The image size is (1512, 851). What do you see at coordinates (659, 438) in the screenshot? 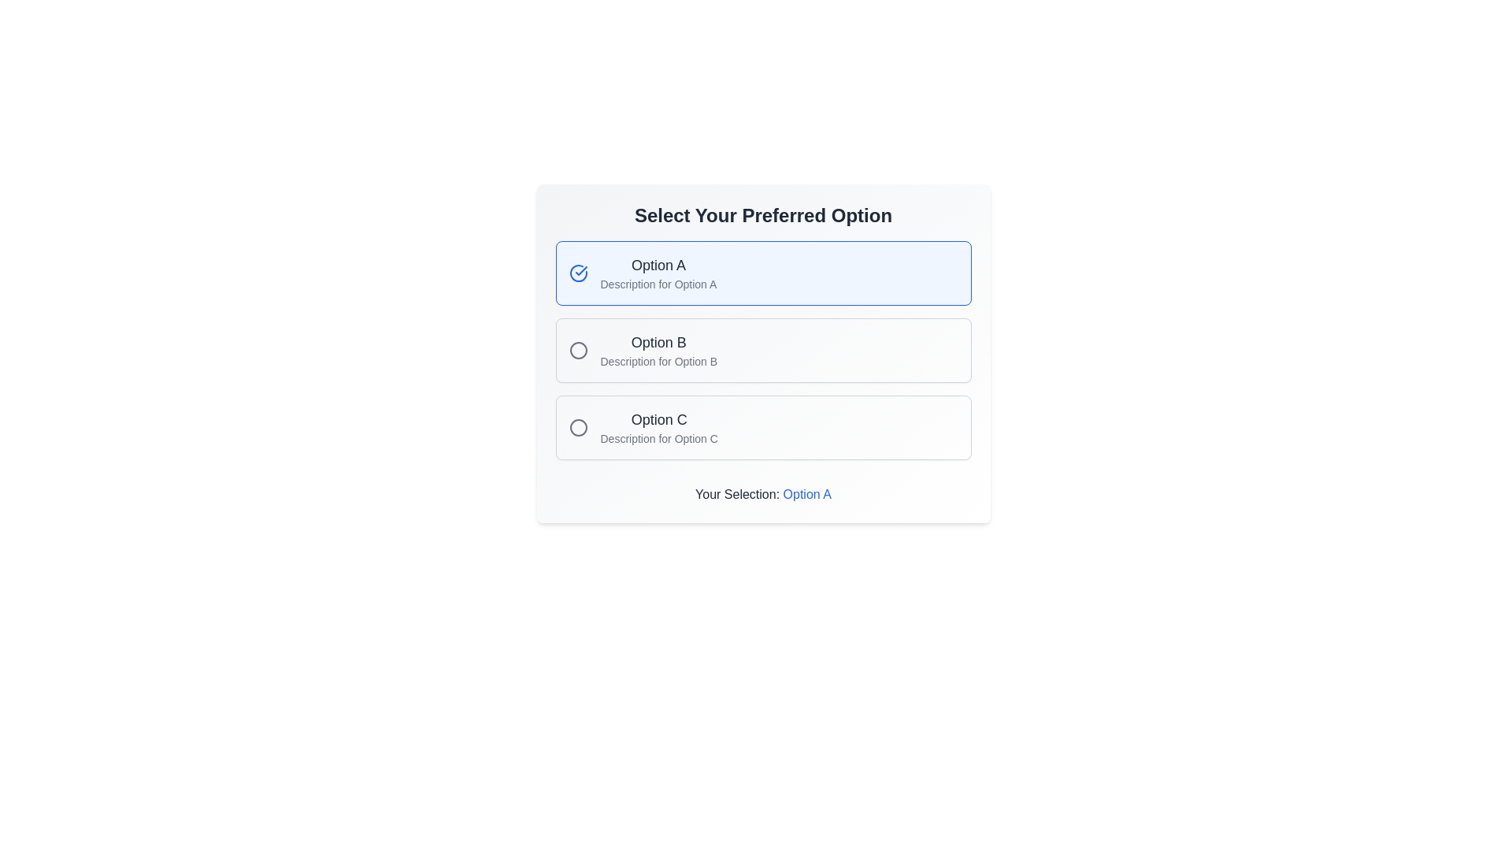
I see `information provided by the static text label located directly below the 'Option C' selection, which offers clarification about this option` at bounding box center [659, 438].